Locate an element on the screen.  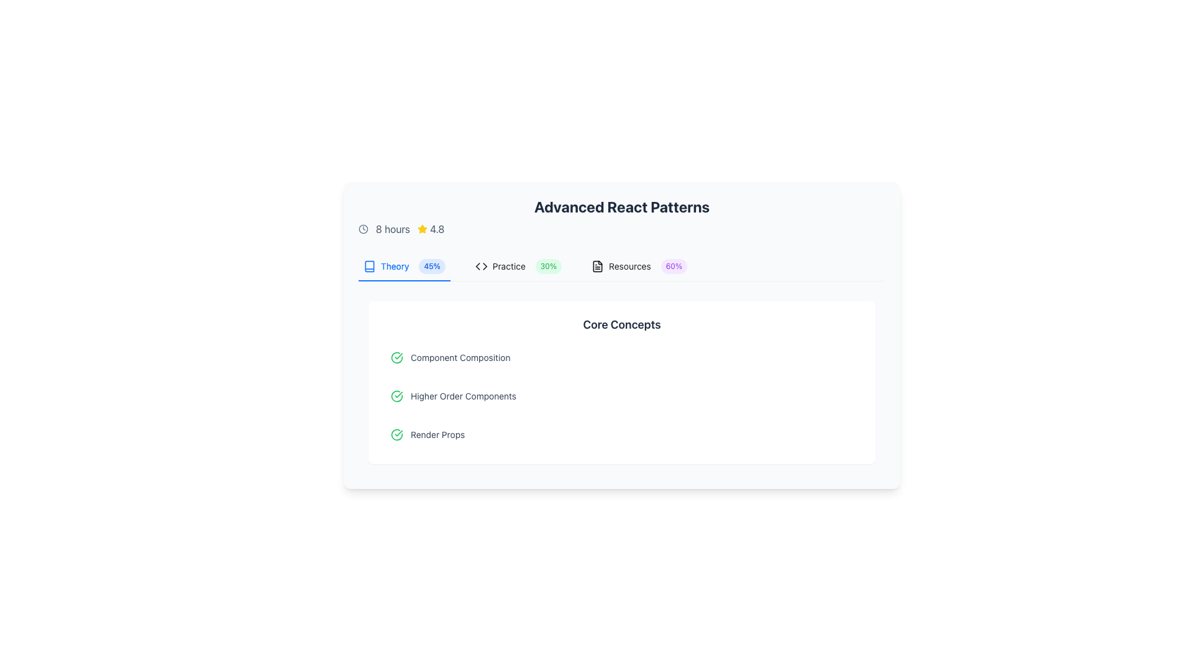
the circular green check icon located to the left of the 'Higher Order Components' text label in the 'Core Concepts' section is located at coordinates (396, 396).